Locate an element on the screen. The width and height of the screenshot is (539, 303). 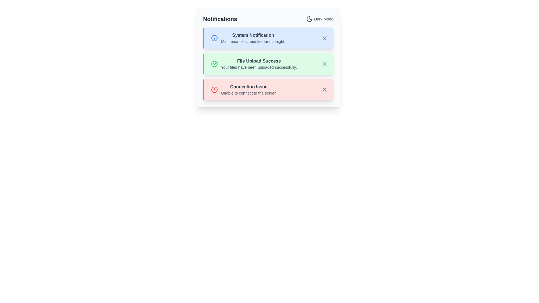
the small gray 'X' icon button located at the far right of the green message box that says 'File Upload Success' is located at coordinates (324, 63).